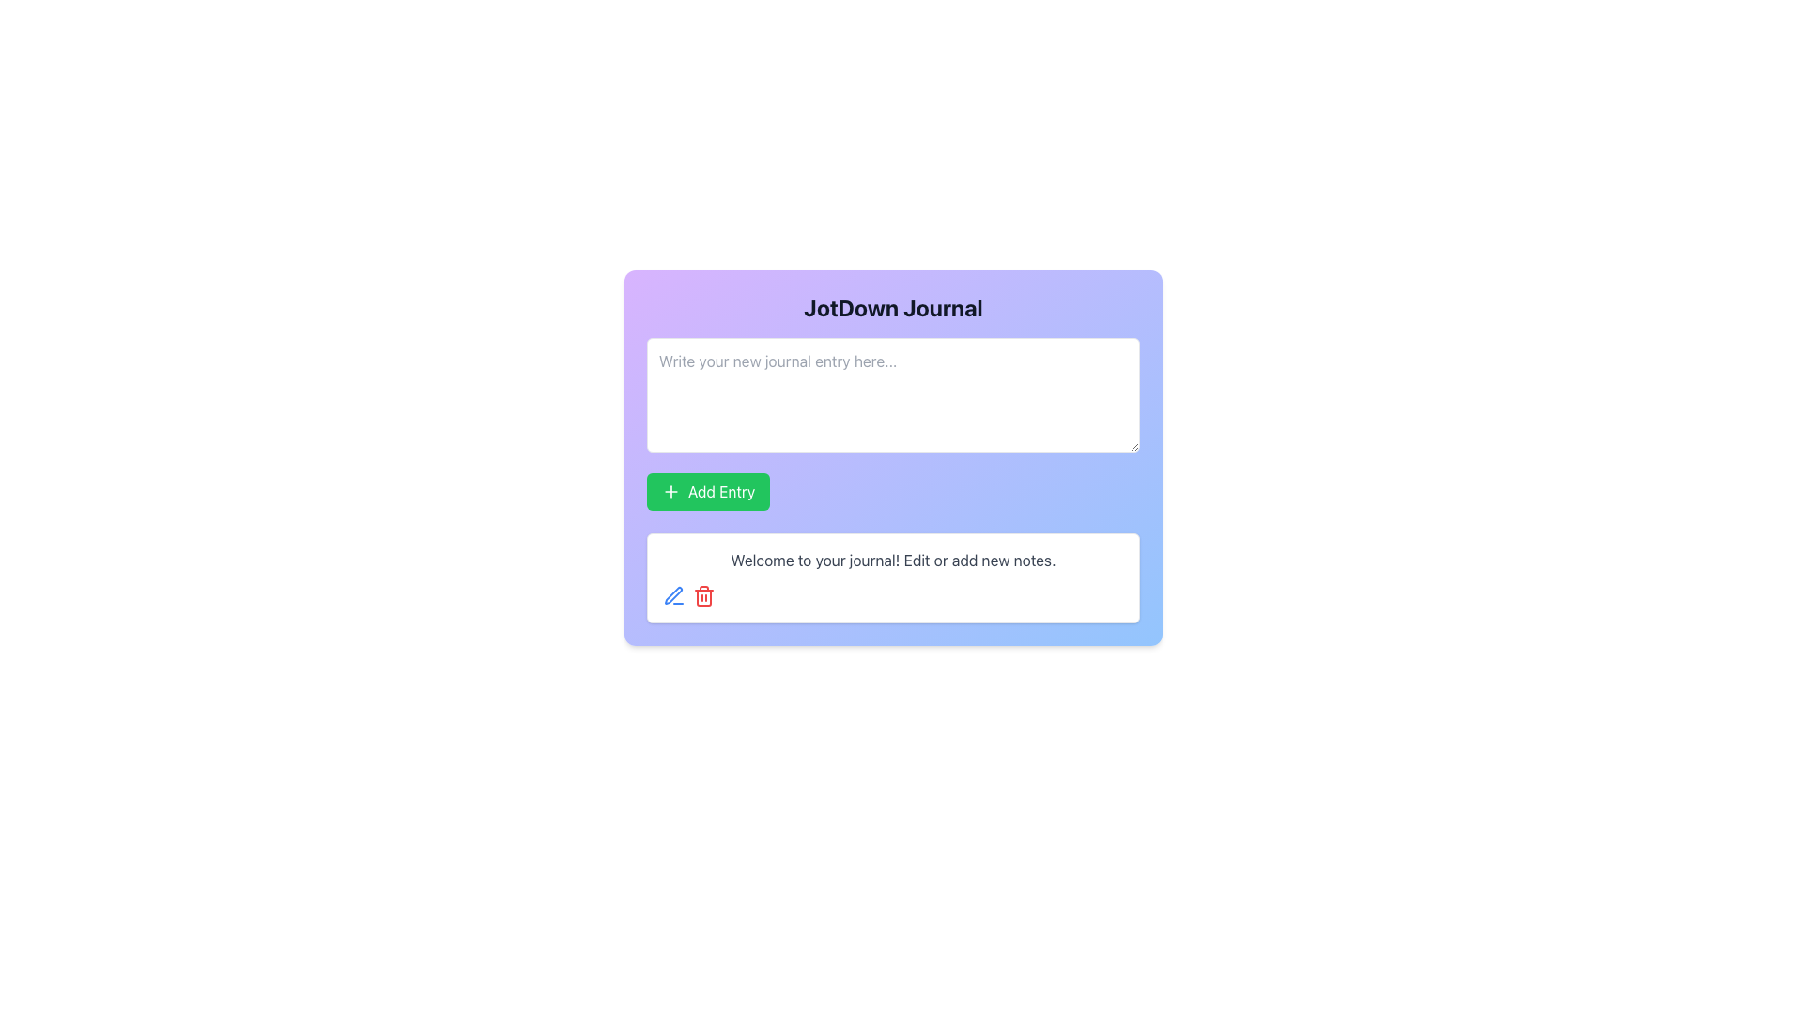 The height and width of the screenshot is (1014, 1803). I want to click on the 'Edit' icon button located in the bottom-left portion of the card under the 'Add Entry' section, so click(674, 594).